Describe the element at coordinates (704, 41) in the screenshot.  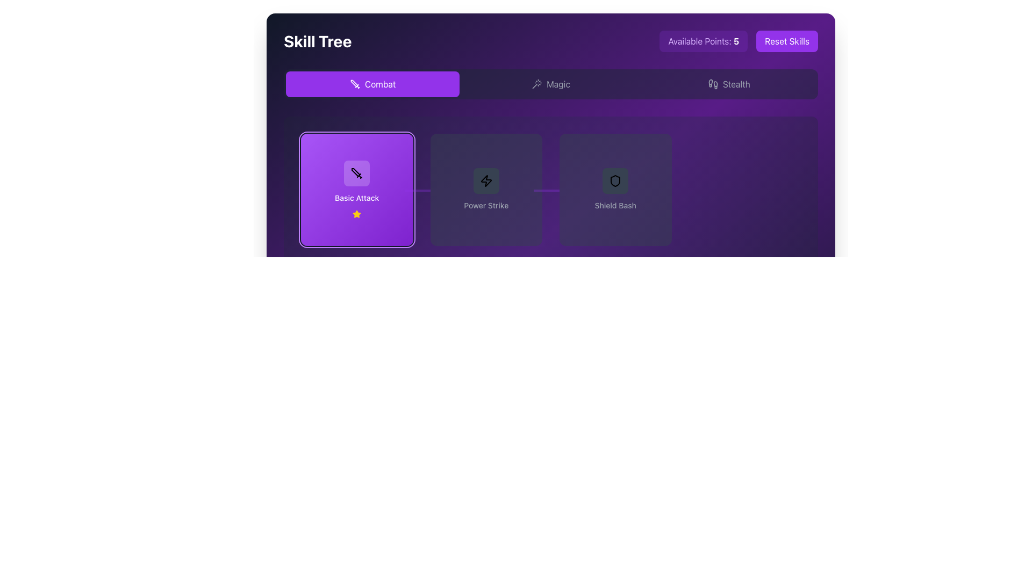
I see `the informational text box displaying 'Available Points: 5', which has a light purple background and rounded corners, located in the top-right corner of the interface` at that location.